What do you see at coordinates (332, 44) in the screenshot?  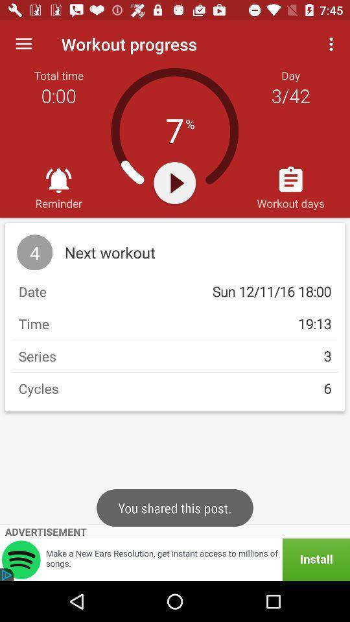 I see `the icon above workout days` at bounding box center [332, 44].